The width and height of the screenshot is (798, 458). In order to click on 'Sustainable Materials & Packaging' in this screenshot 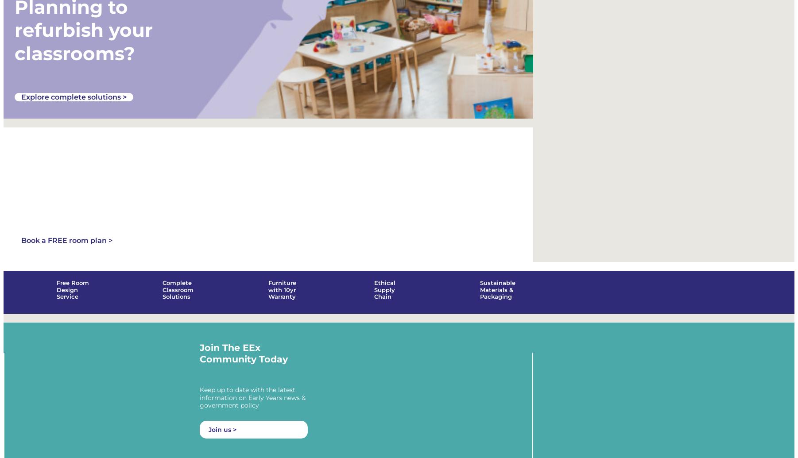, I will do `click(497, 295)`.